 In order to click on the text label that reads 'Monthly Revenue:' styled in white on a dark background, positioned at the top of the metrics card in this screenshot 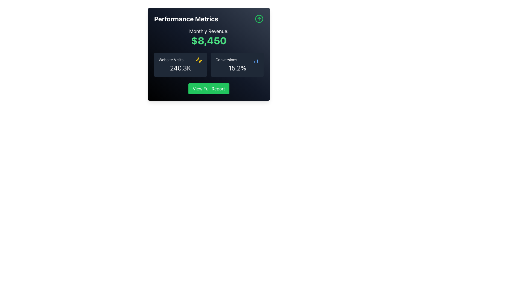, I will do `click(208, 31)`.